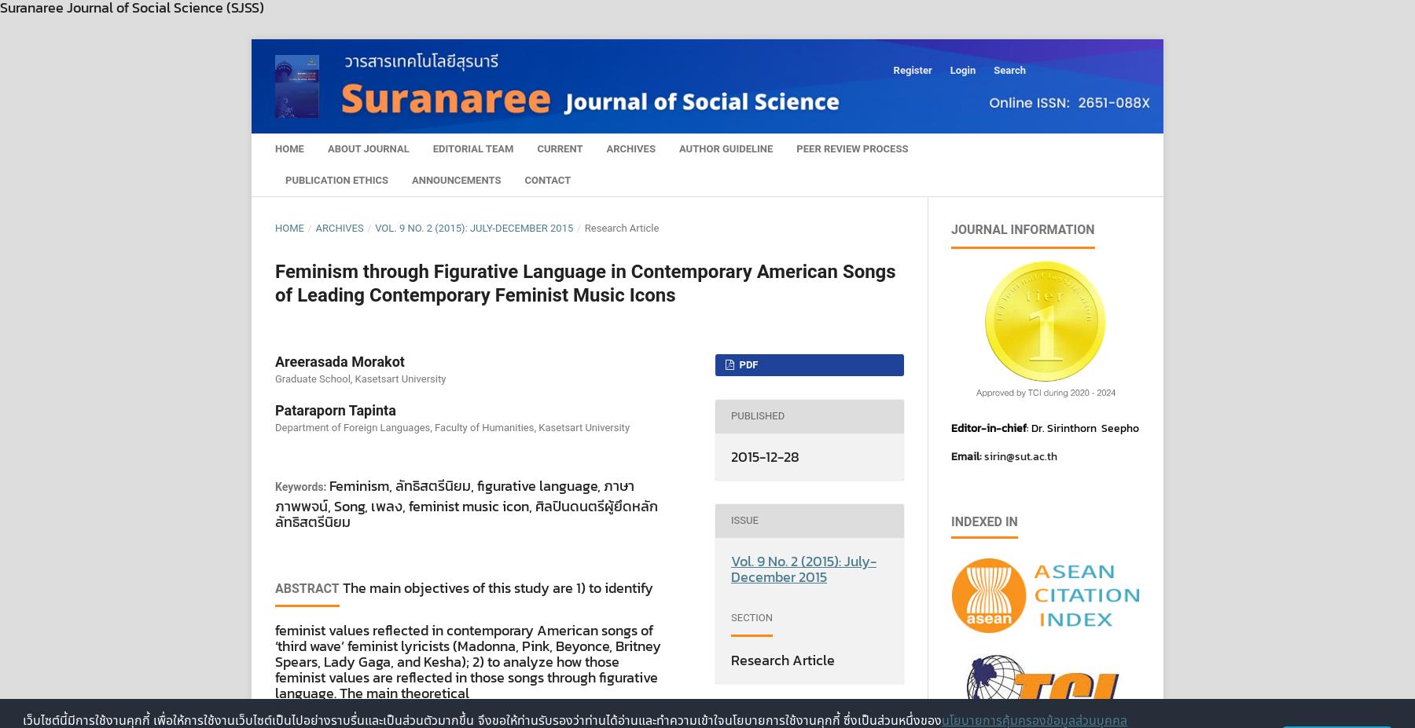 This screenshot has height=728, width=1415. I want to click on ': Dr. Sirinthorn  Seepho', so click(1082, 428).